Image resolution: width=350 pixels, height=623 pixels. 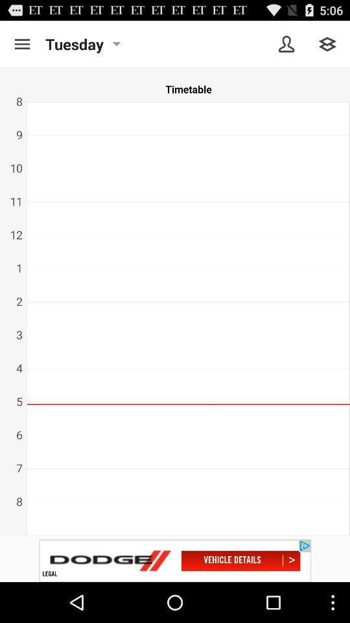 What do you see at coordinates (327, 44) in the screenshot?
I see `show layer` at bounding box center [327, 44].